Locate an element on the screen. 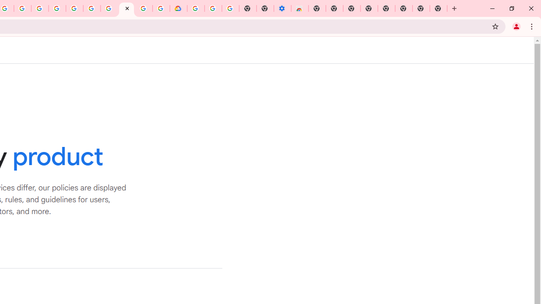  'Create your Google Account' is located at coordinates (22, 8).